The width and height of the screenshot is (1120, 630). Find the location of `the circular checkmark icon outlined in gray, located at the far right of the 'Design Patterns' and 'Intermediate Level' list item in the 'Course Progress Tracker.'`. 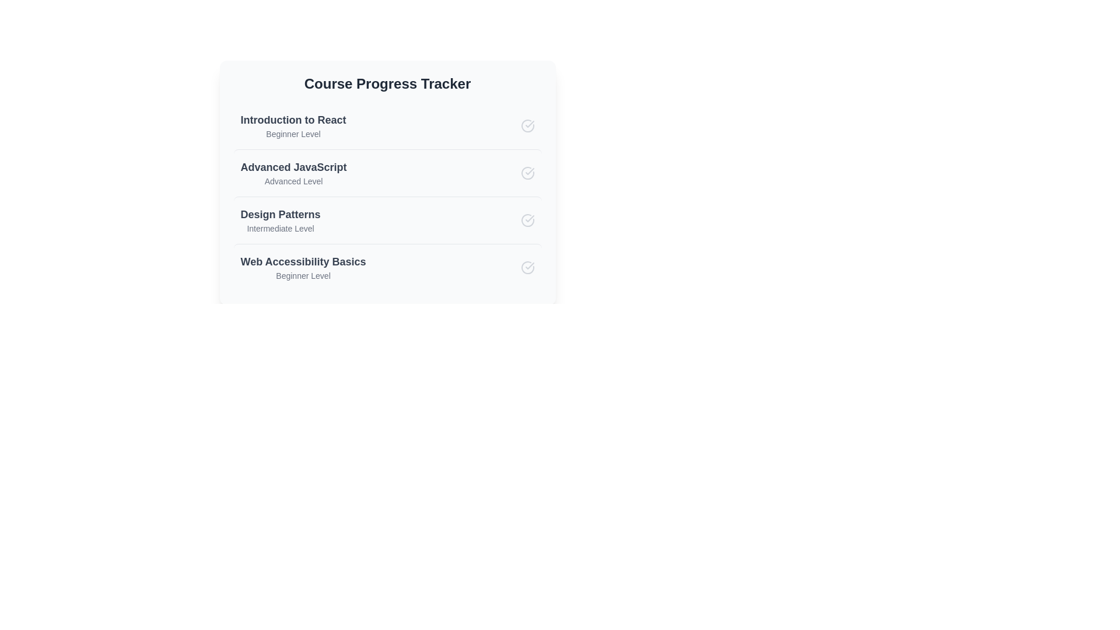

the circular checkmark icon outlined in gray, located at the far right of the 'Design Patterns' and 'Intermediate Level' list item in the 'Course Progress Tracker.' is located at coordinates (527, 220).